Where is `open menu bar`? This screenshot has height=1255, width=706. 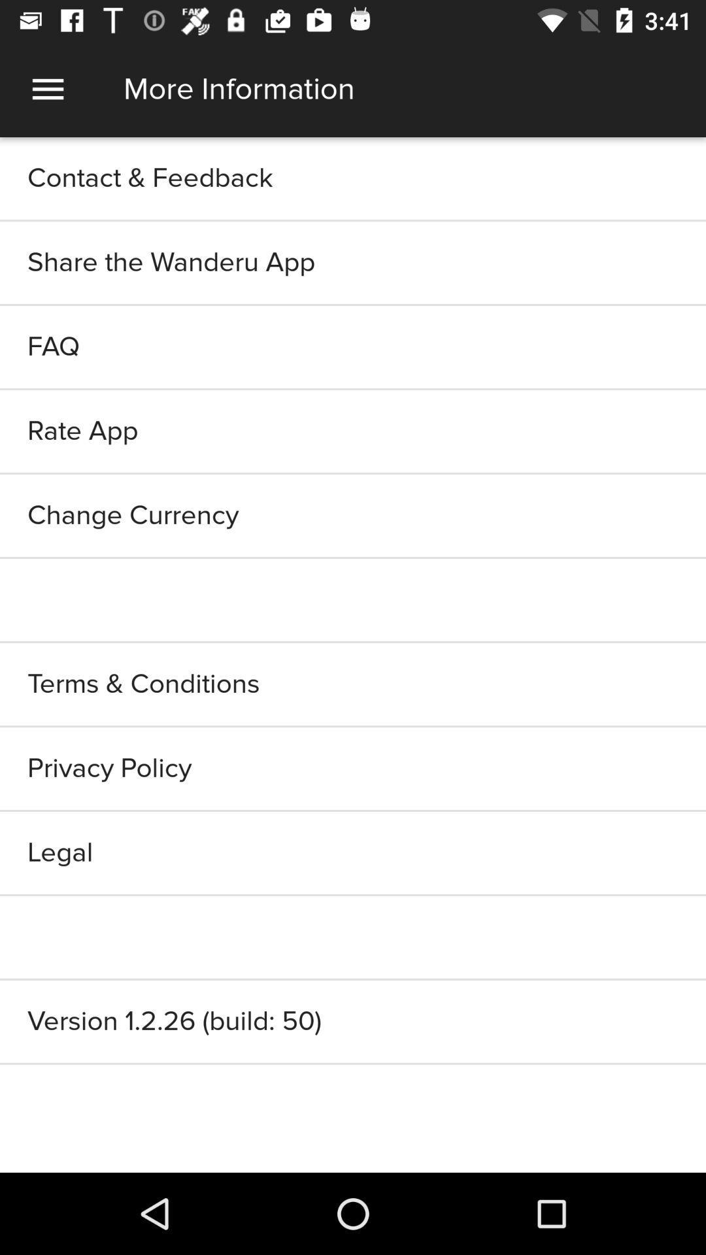 open menu bar is located at coordinates (47, 88).